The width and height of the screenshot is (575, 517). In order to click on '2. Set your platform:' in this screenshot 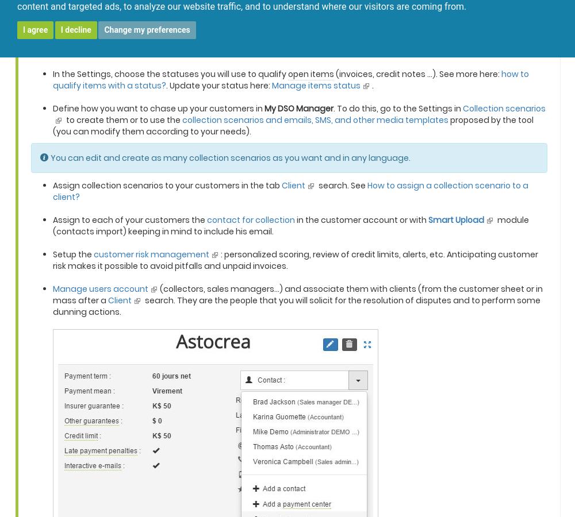, I will do `click(30, 13)`.